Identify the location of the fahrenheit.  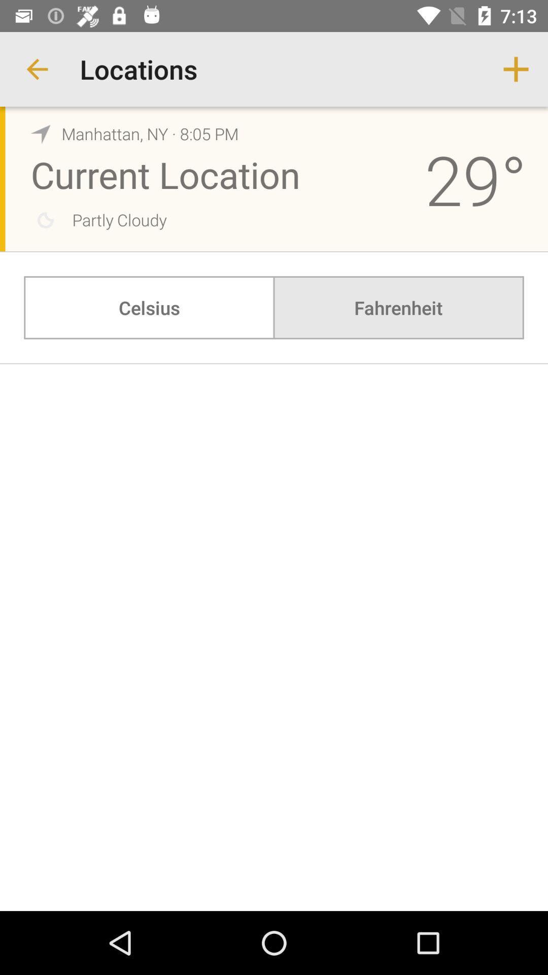
(398, 307).